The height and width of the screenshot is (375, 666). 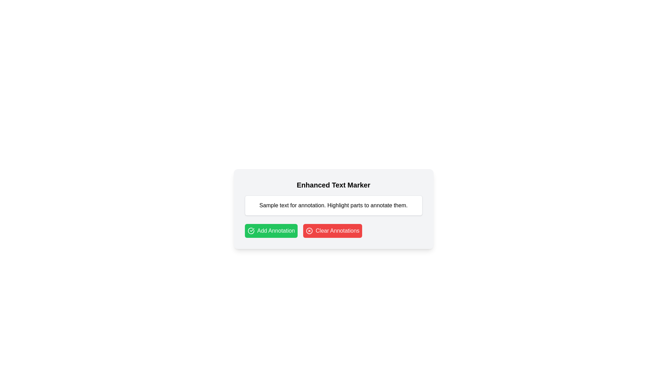 What do you see at coordinates (280, 205) in the screenshot?
I see `character 't' in the phrase 'text' within the paragraph starting with 'Sample text for annotation.'` at bounding box center [280, 205].